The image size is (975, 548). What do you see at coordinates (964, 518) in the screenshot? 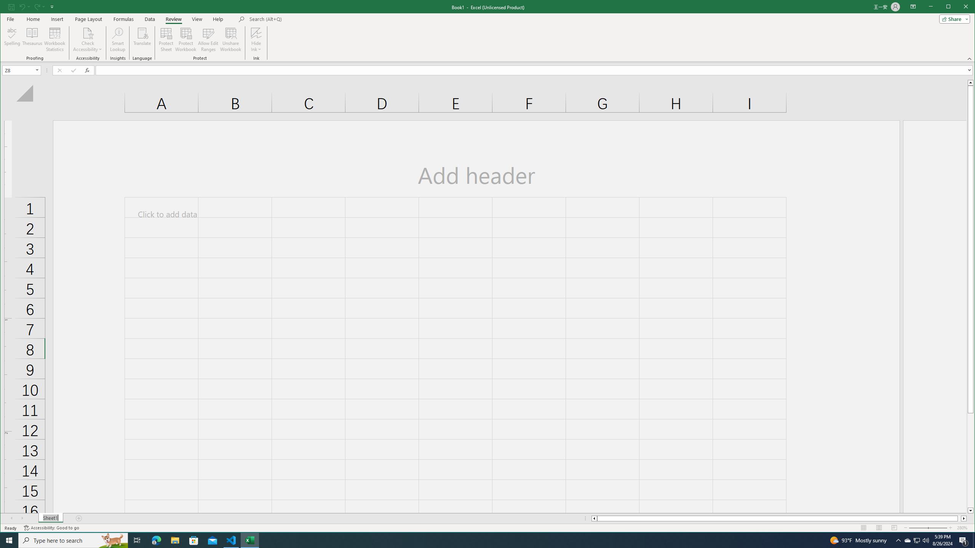
I see `'Column right'` at bounding box center [964, 518].